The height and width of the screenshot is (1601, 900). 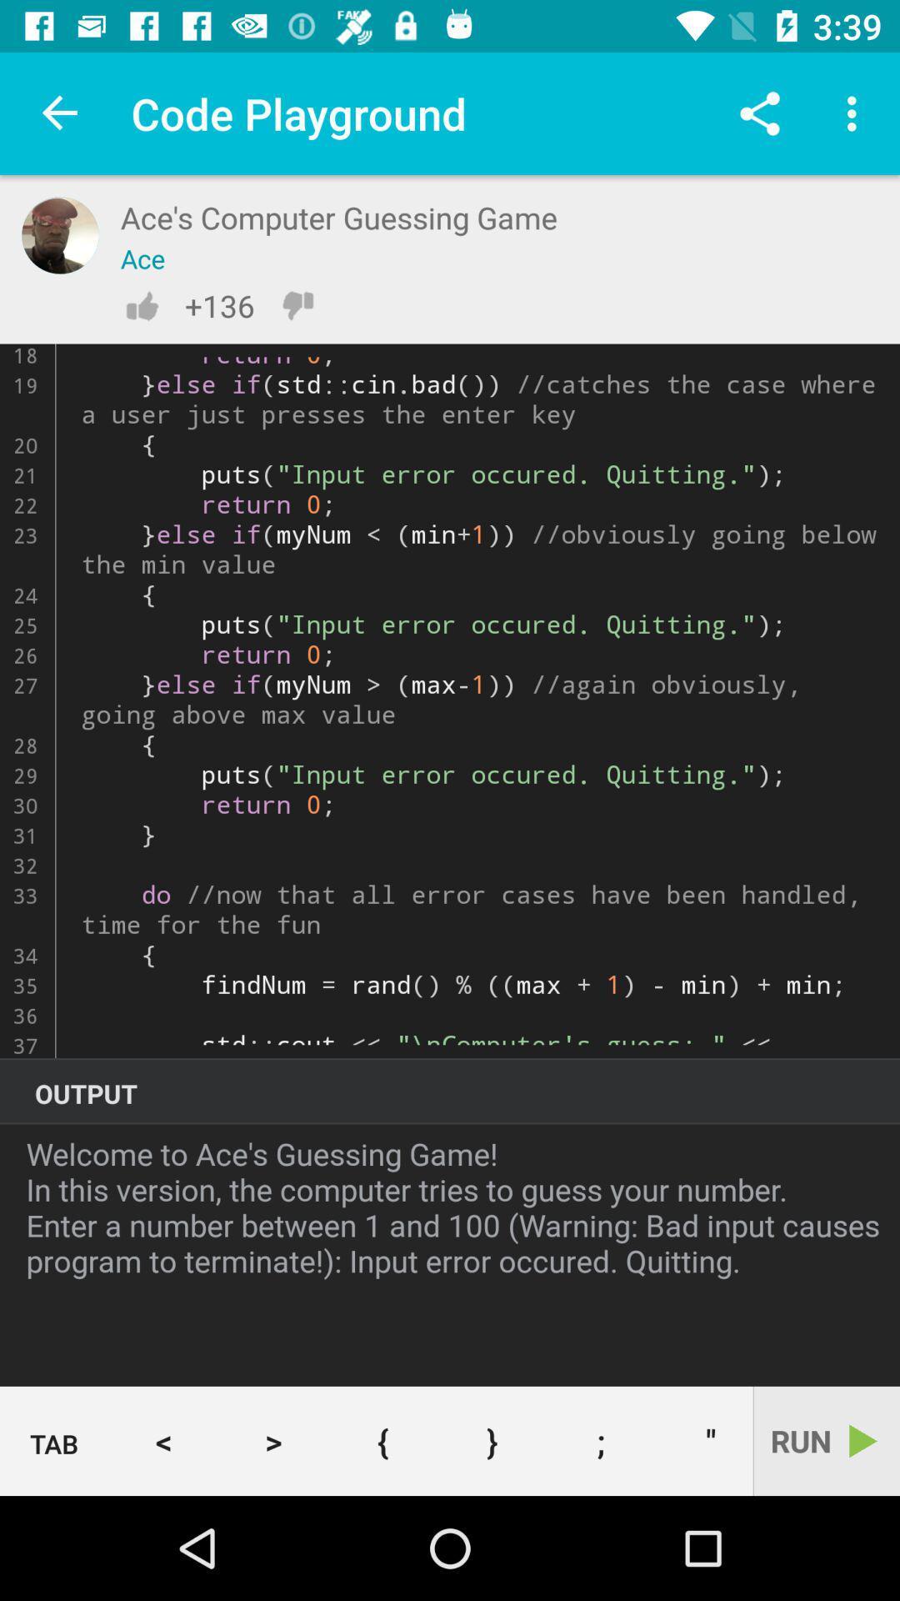 What do you see at coordinates (704, 1440) in the screenshot?
I see `icon next to the run` at bounding box center [704, 1440].